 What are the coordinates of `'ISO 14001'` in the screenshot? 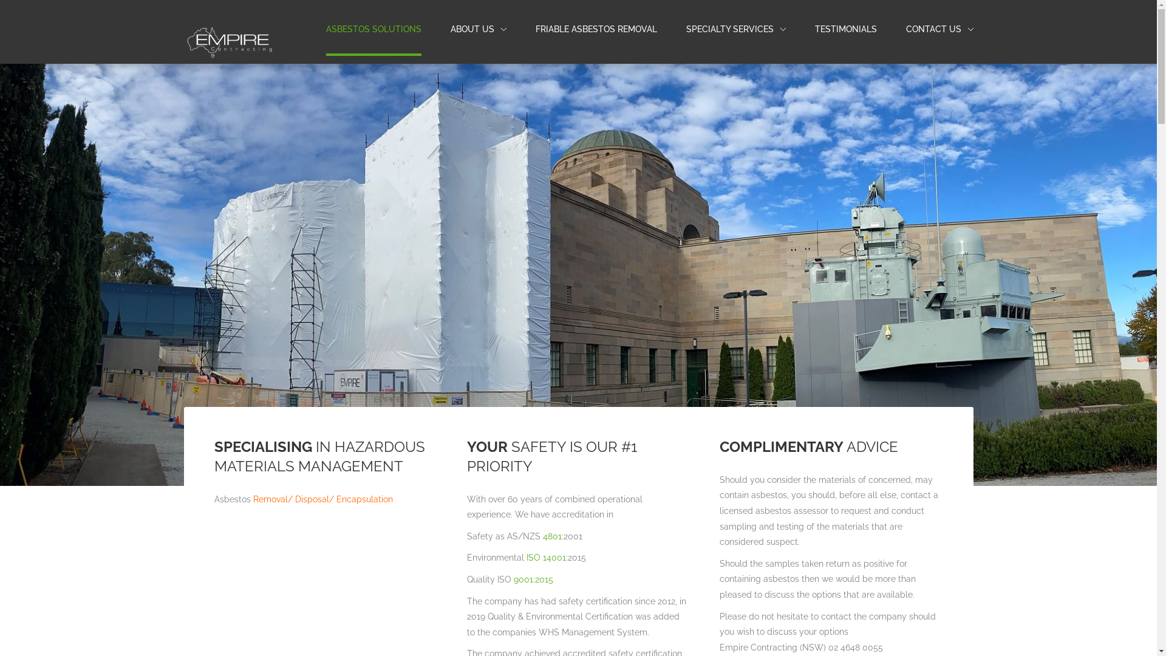 It's located at (545, 557).